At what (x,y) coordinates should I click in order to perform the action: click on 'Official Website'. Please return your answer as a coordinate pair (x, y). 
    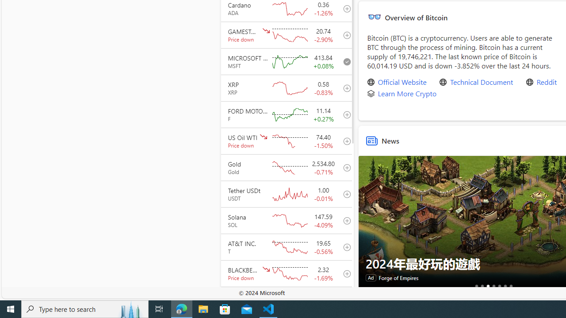
    Looking at the image, I should click on (402, 82).